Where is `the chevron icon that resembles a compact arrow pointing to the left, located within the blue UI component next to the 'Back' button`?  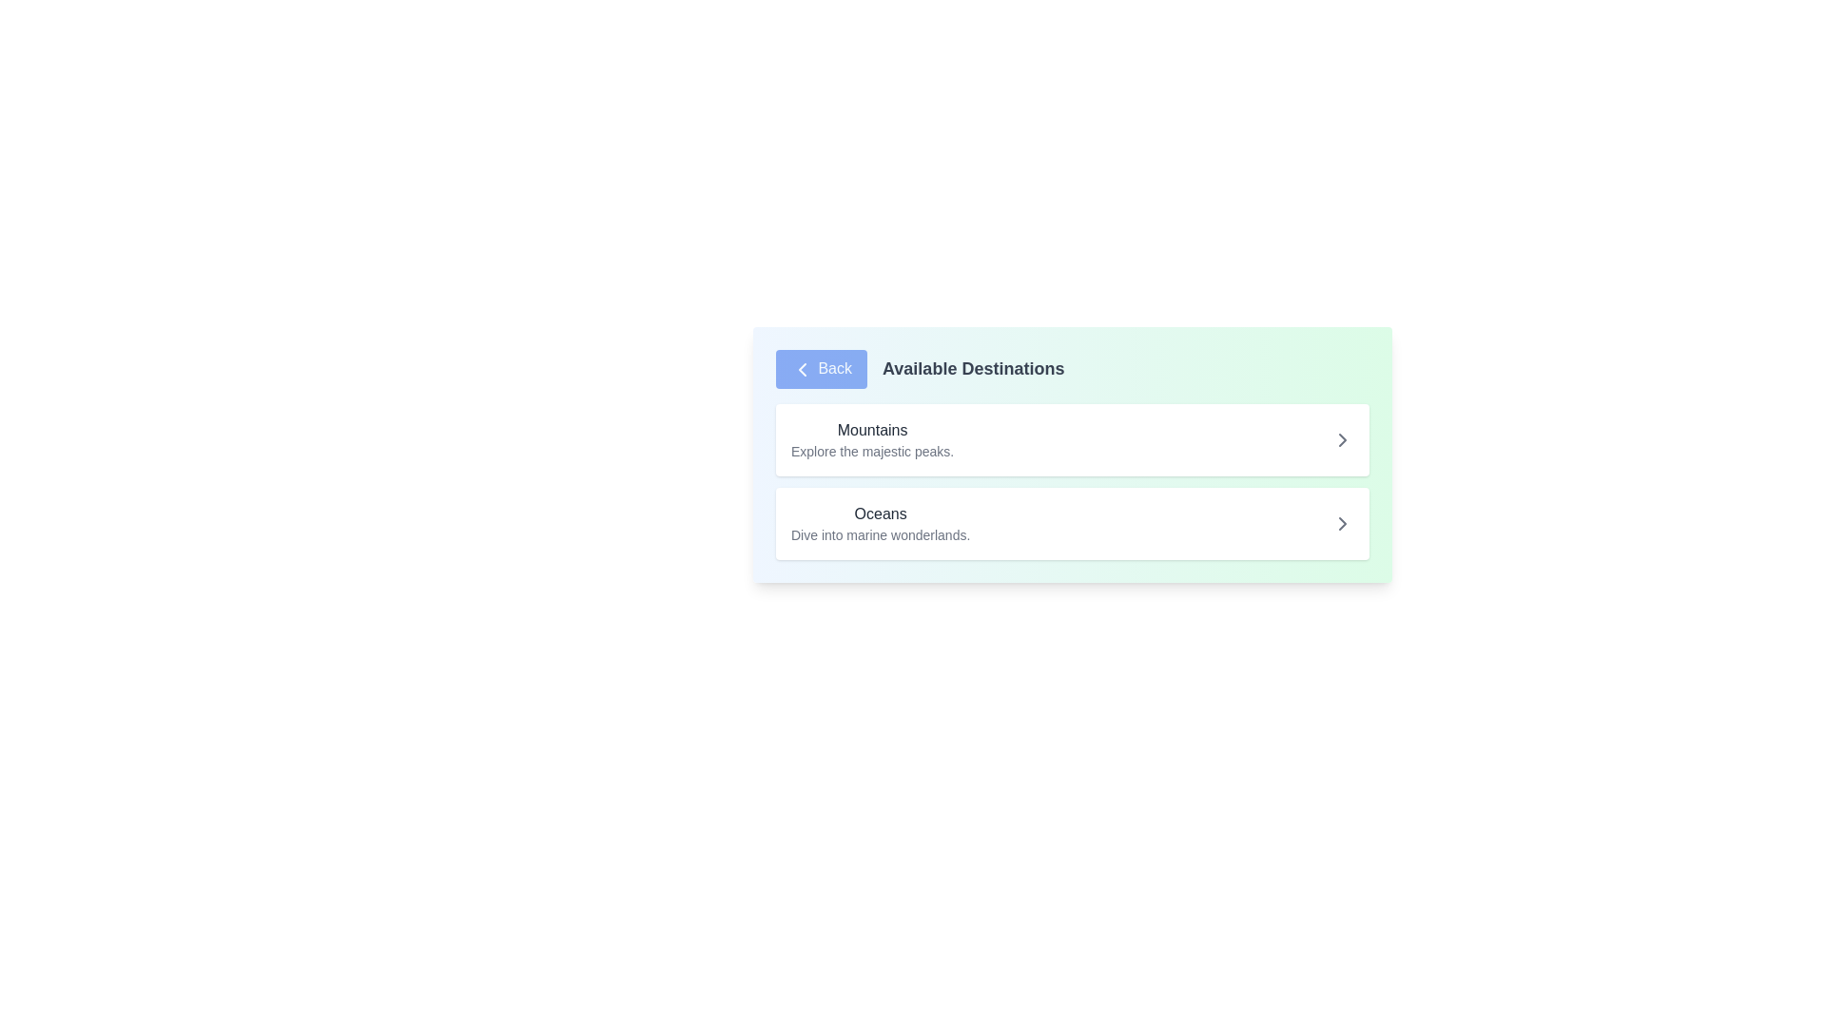 the chevron icon that resembles a compact arrow pointing to the left, located within the blue UI component next to the 'Back' button is located at coordinates (803, 369).